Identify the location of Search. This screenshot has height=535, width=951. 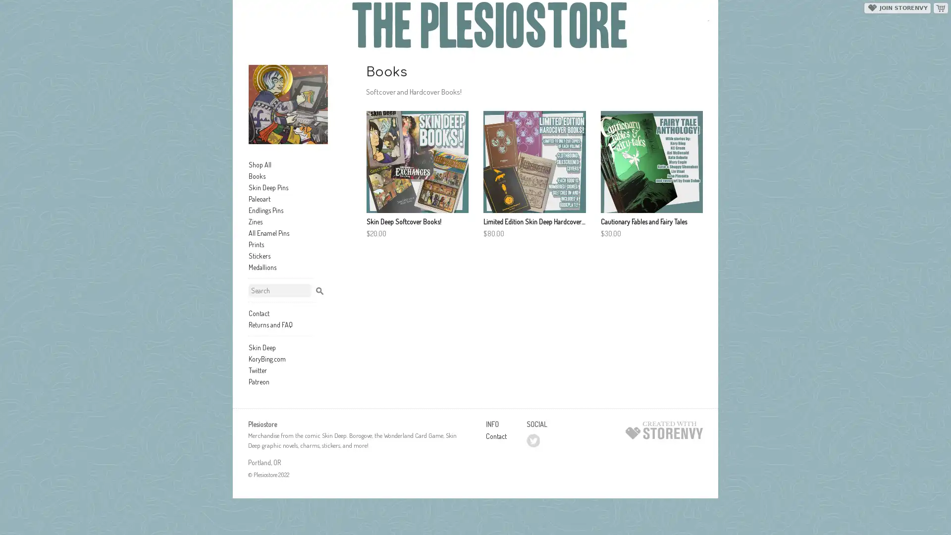
(319, 289).